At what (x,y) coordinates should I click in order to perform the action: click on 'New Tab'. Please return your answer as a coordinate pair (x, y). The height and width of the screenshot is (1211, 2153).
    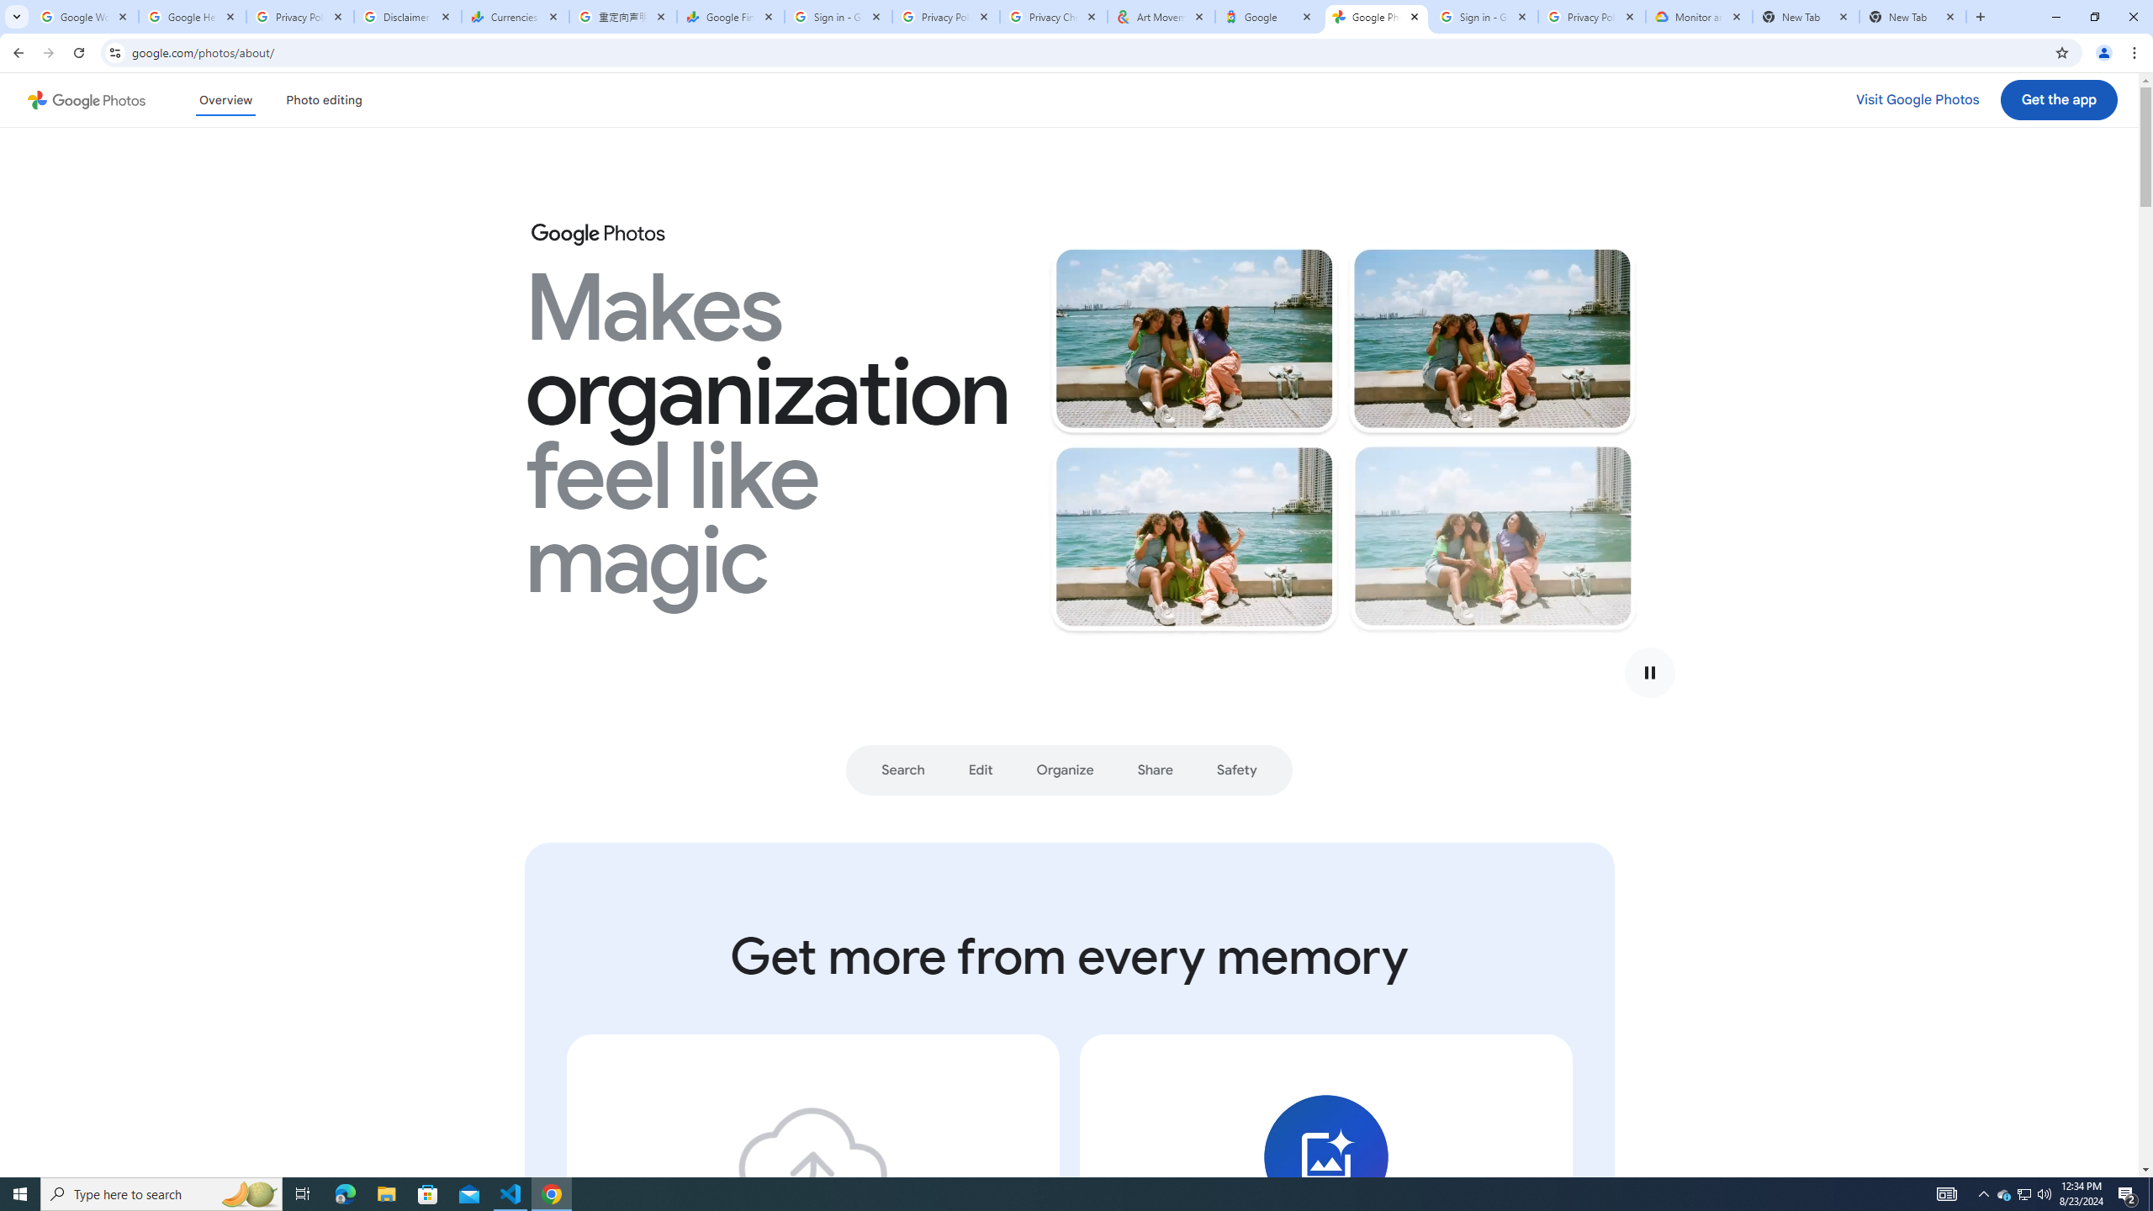
    Looking at the image, I should click on (1806, 16).